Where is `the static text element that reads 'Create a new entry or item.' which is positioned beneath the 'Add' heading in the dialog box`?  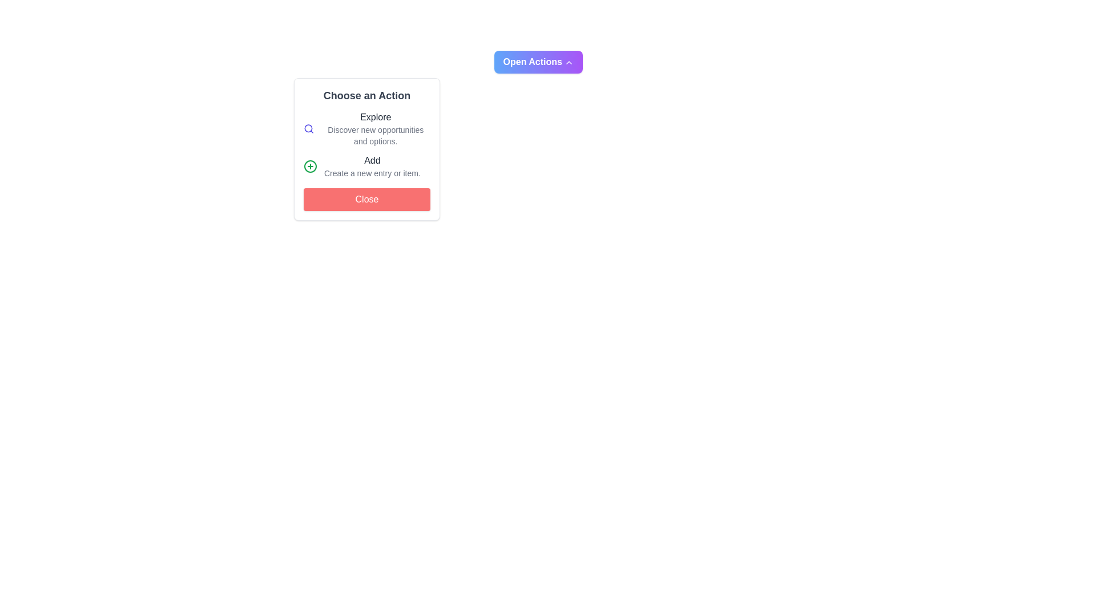
the static text element that reads 'Create a new entry or item.' which is positioned beneath the 'Add' heading in the dialog box is located at coordinates (372, 173).